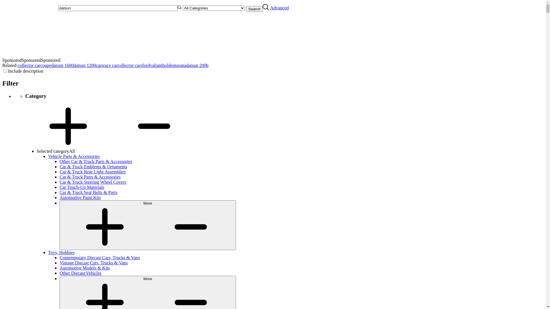  I want to click on 'Contemporary Diecast Cars, Trucks & Vans', so click(100, 257).